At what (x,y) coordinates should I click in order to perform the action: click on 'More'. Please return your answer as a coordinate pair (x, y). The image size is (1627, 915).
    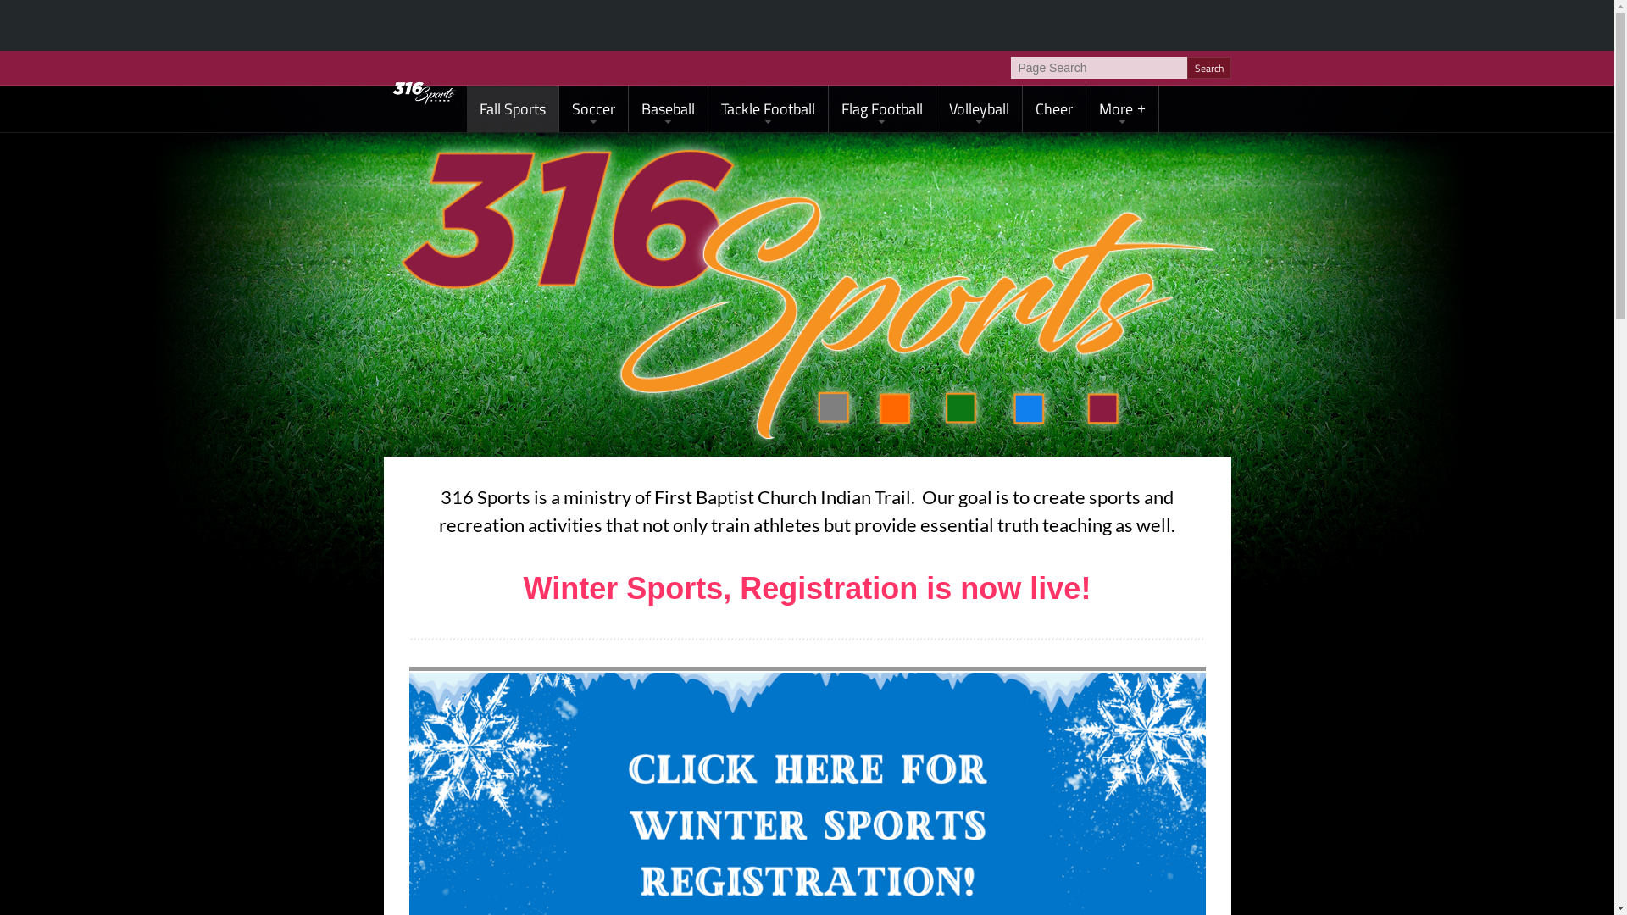
    Looking at the image, I should click on (1122, 108).